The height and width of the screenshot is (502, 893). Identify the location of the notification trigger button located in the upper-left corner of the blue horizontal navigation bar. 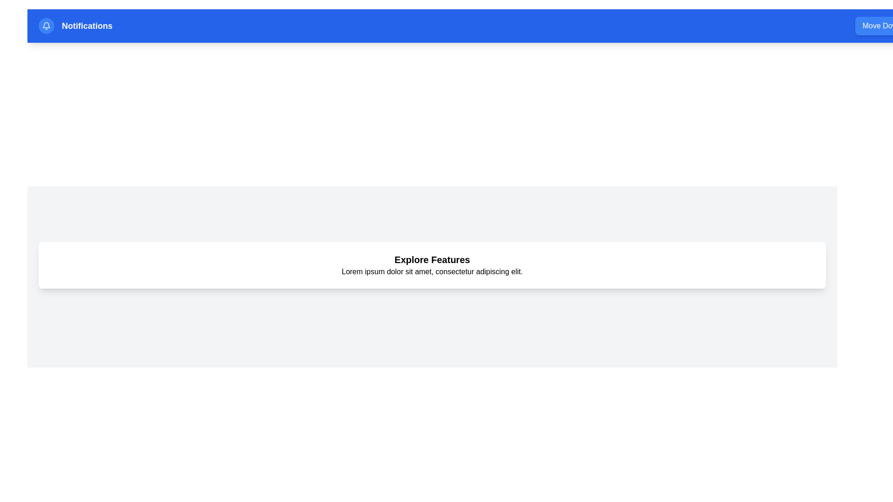
(46, 26).